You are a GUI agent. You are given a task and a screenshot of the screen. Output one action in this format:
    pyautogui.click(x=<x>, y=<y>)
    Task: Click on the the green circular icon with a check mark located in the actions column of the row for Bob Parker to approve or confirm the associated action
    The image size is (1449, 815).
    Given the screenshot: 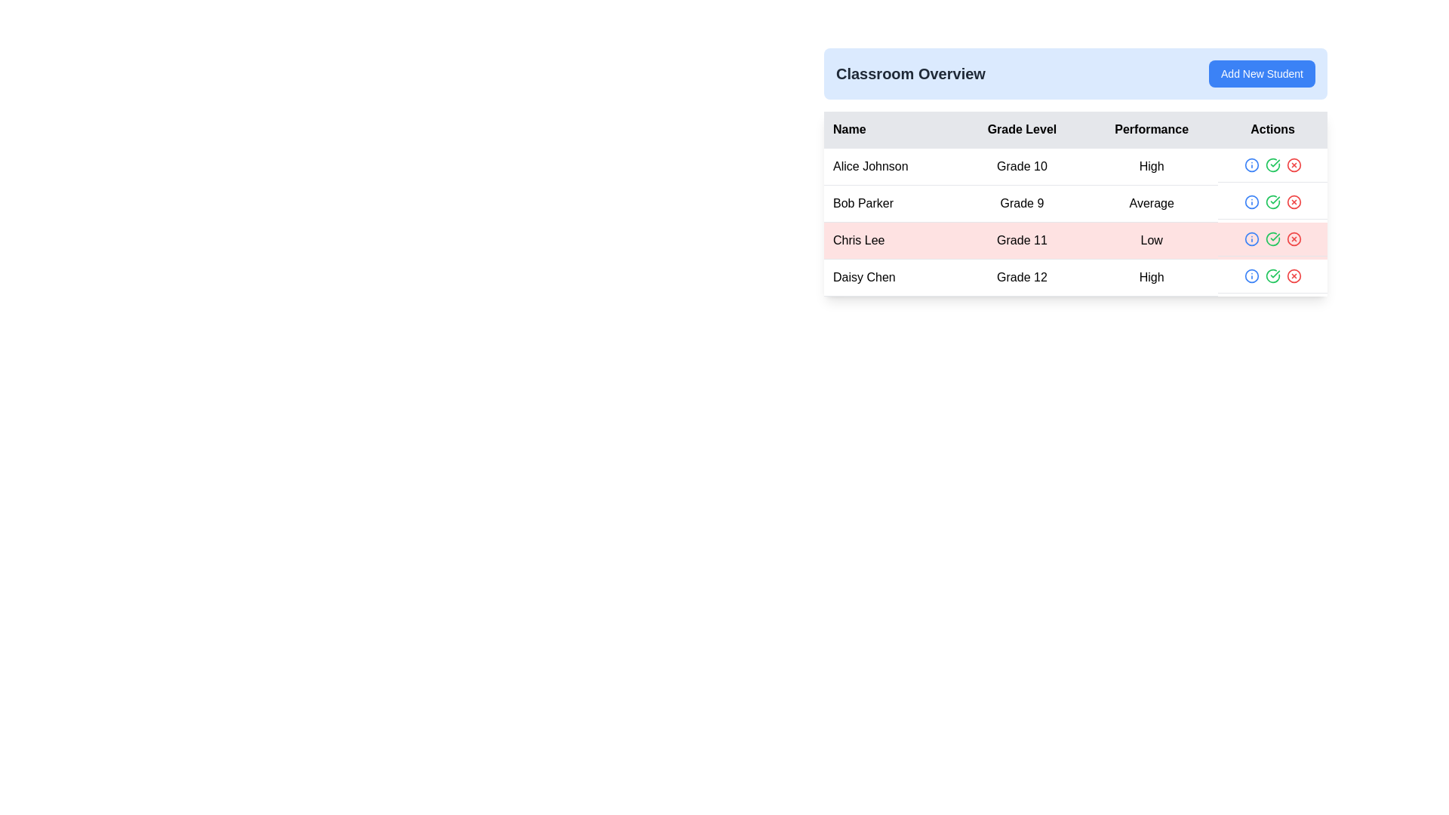 What is the action you would take?
    pyautogui.click(x=1272, y=201)
    